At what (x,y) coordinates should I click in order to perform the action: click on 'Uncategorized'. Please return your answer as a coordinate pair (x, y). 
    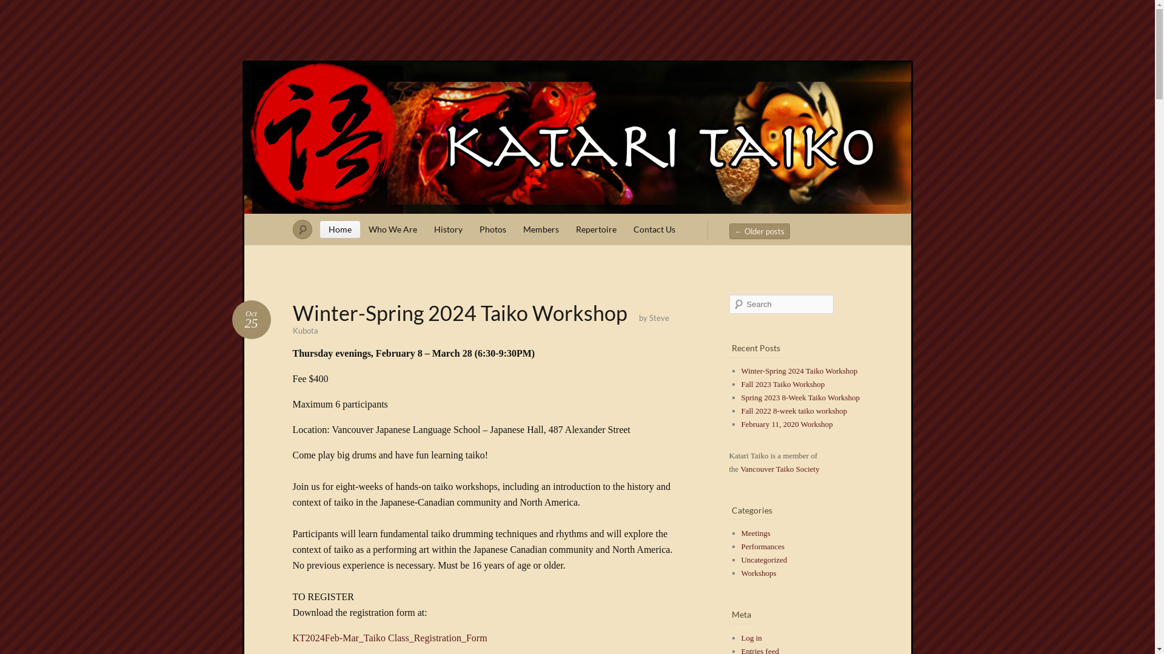
    Looking at the image, I should click on (763, 560).